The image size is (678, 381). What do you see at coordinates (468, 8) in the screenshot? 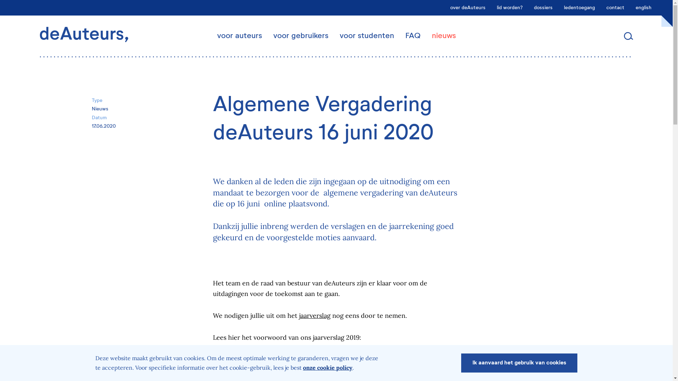
I see `'over deAuteurs'` at bounding box center [468, 8].